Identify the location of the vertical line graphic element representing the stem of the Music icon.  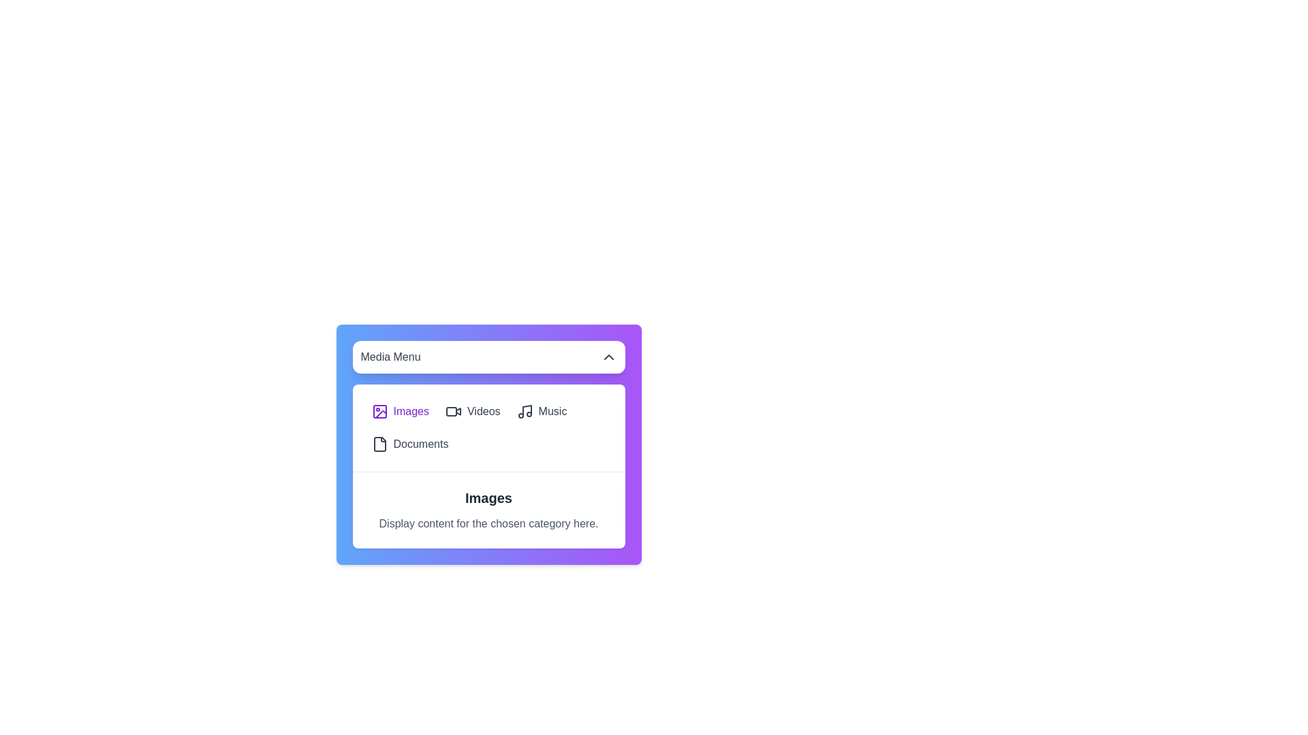
(526, 410).